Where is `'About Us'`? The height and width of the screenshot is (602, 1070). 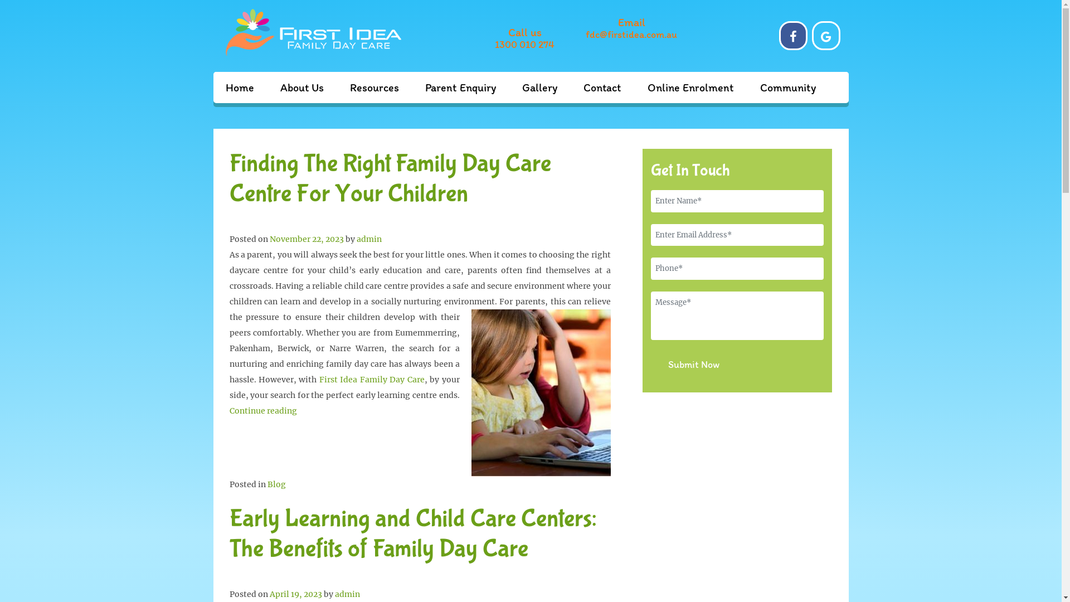
'About Us' is located at coordinates (267, 87).